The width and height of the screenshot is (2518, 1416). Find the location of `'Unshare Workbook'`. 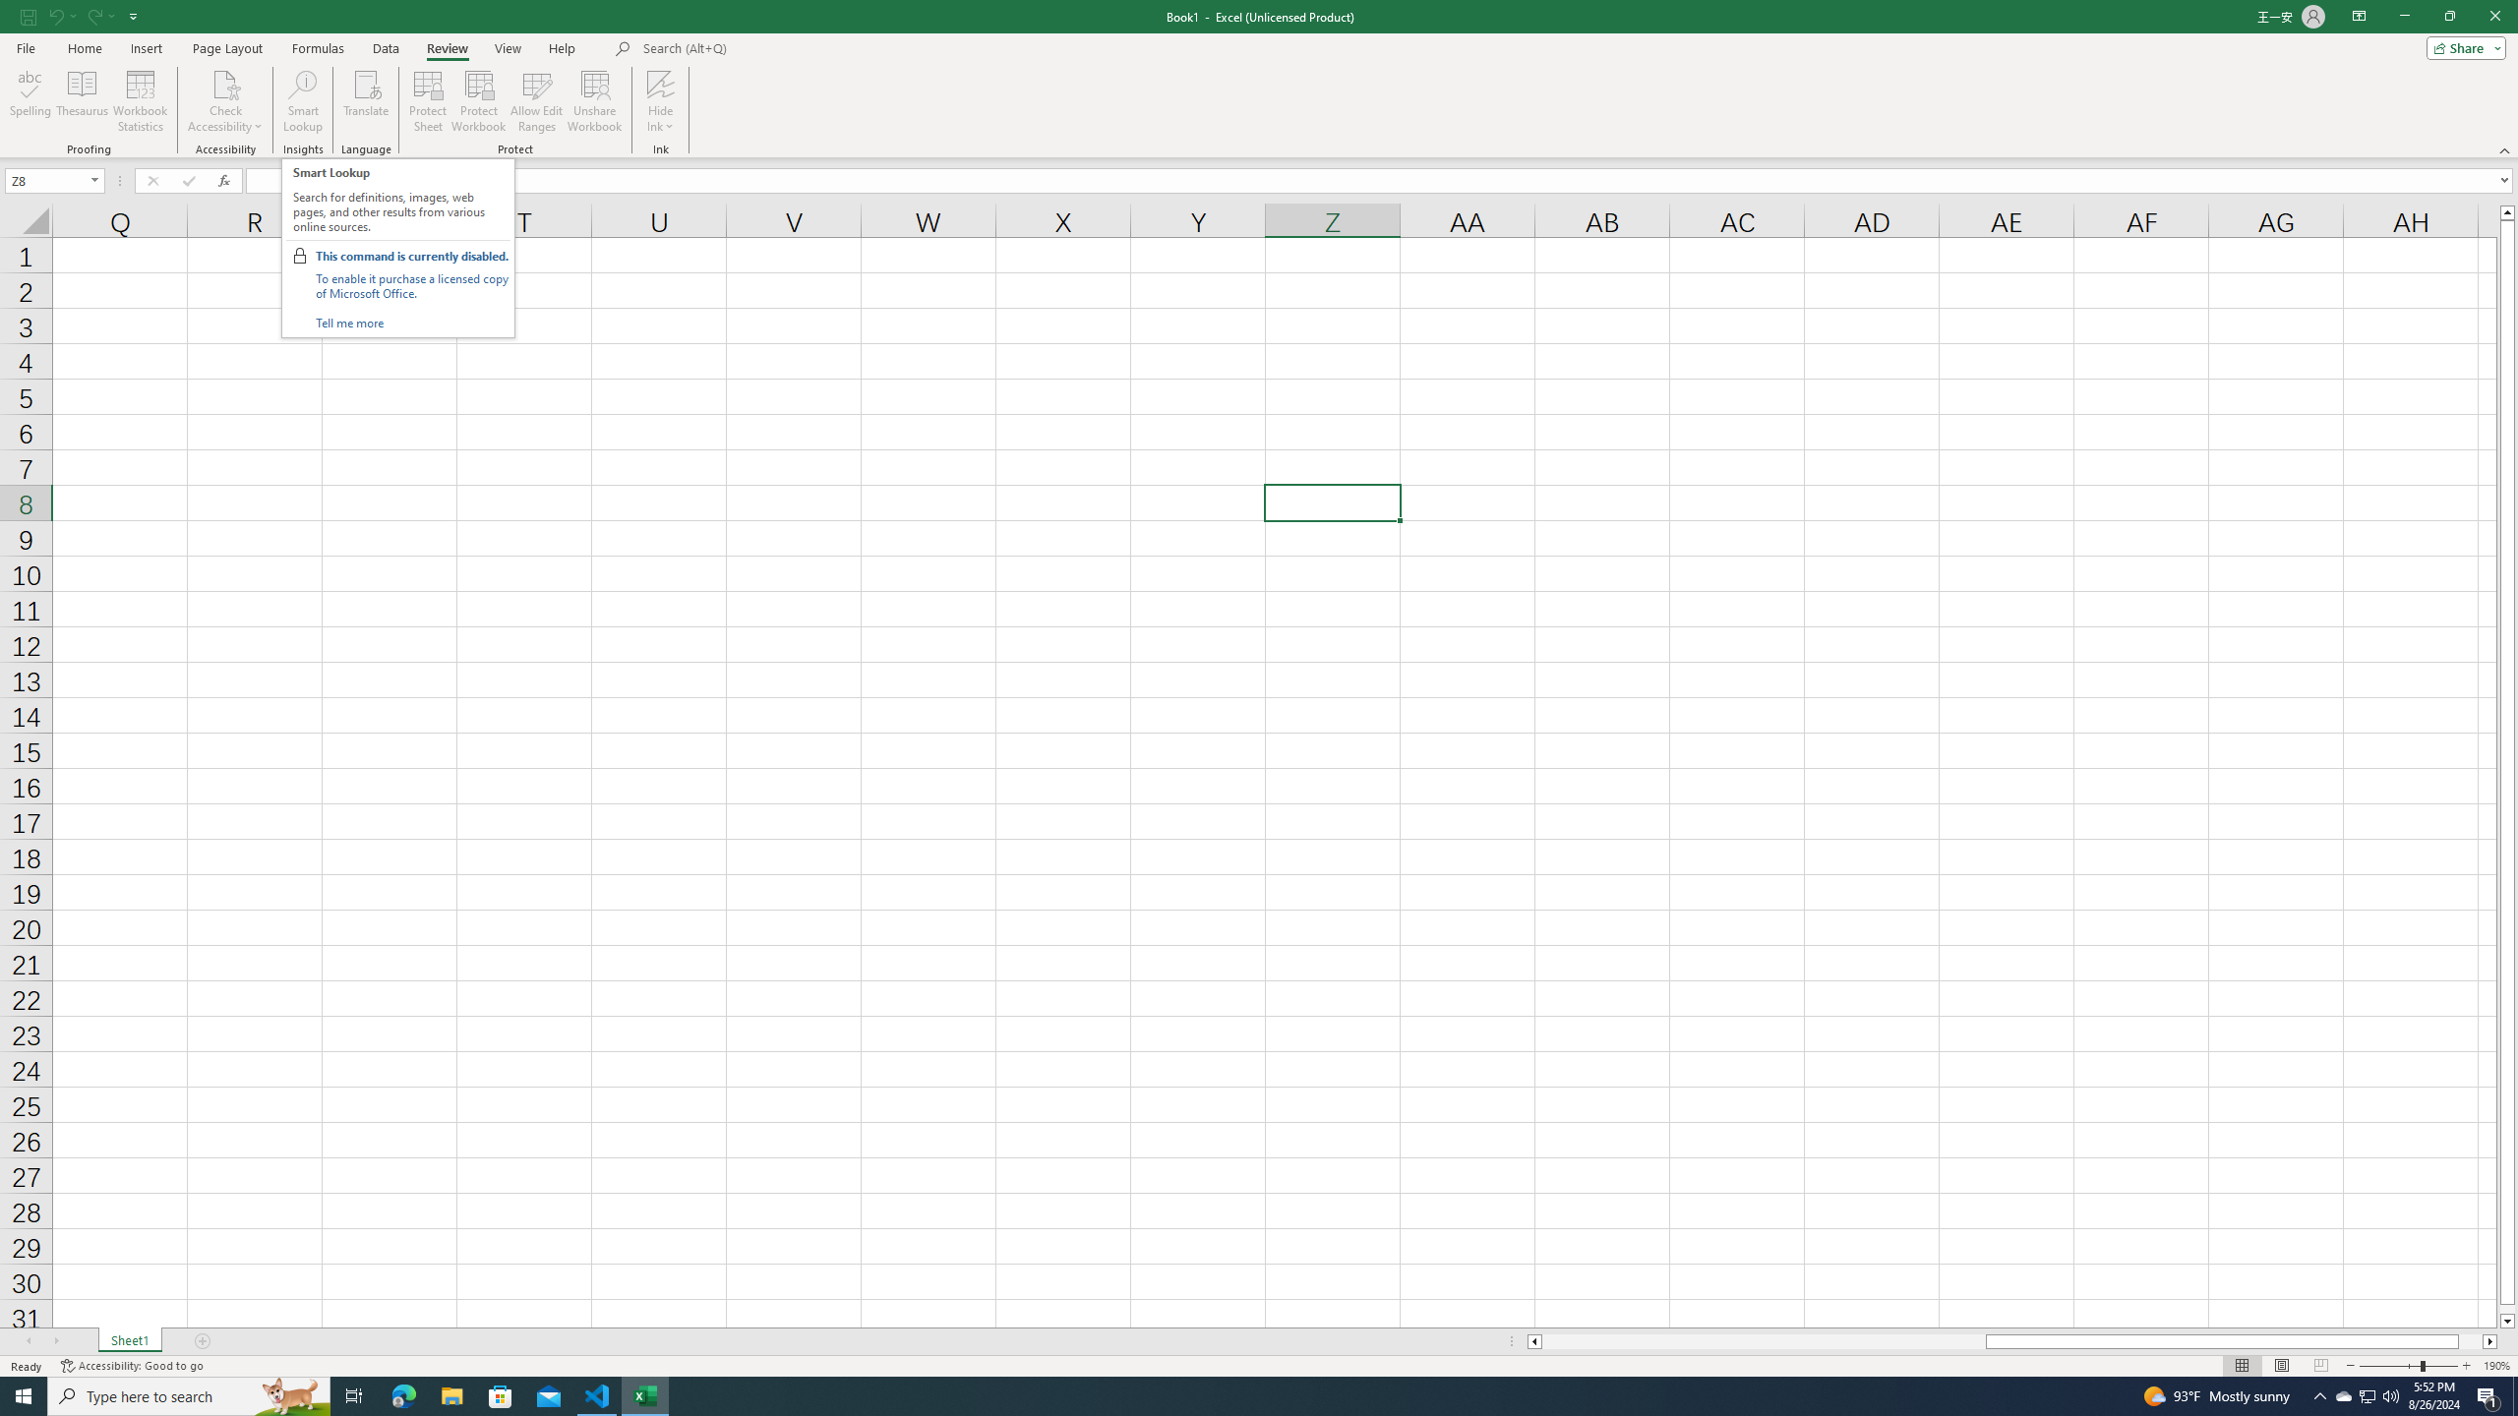

'Unshare Workbook' is located at coordinates (594, 101).